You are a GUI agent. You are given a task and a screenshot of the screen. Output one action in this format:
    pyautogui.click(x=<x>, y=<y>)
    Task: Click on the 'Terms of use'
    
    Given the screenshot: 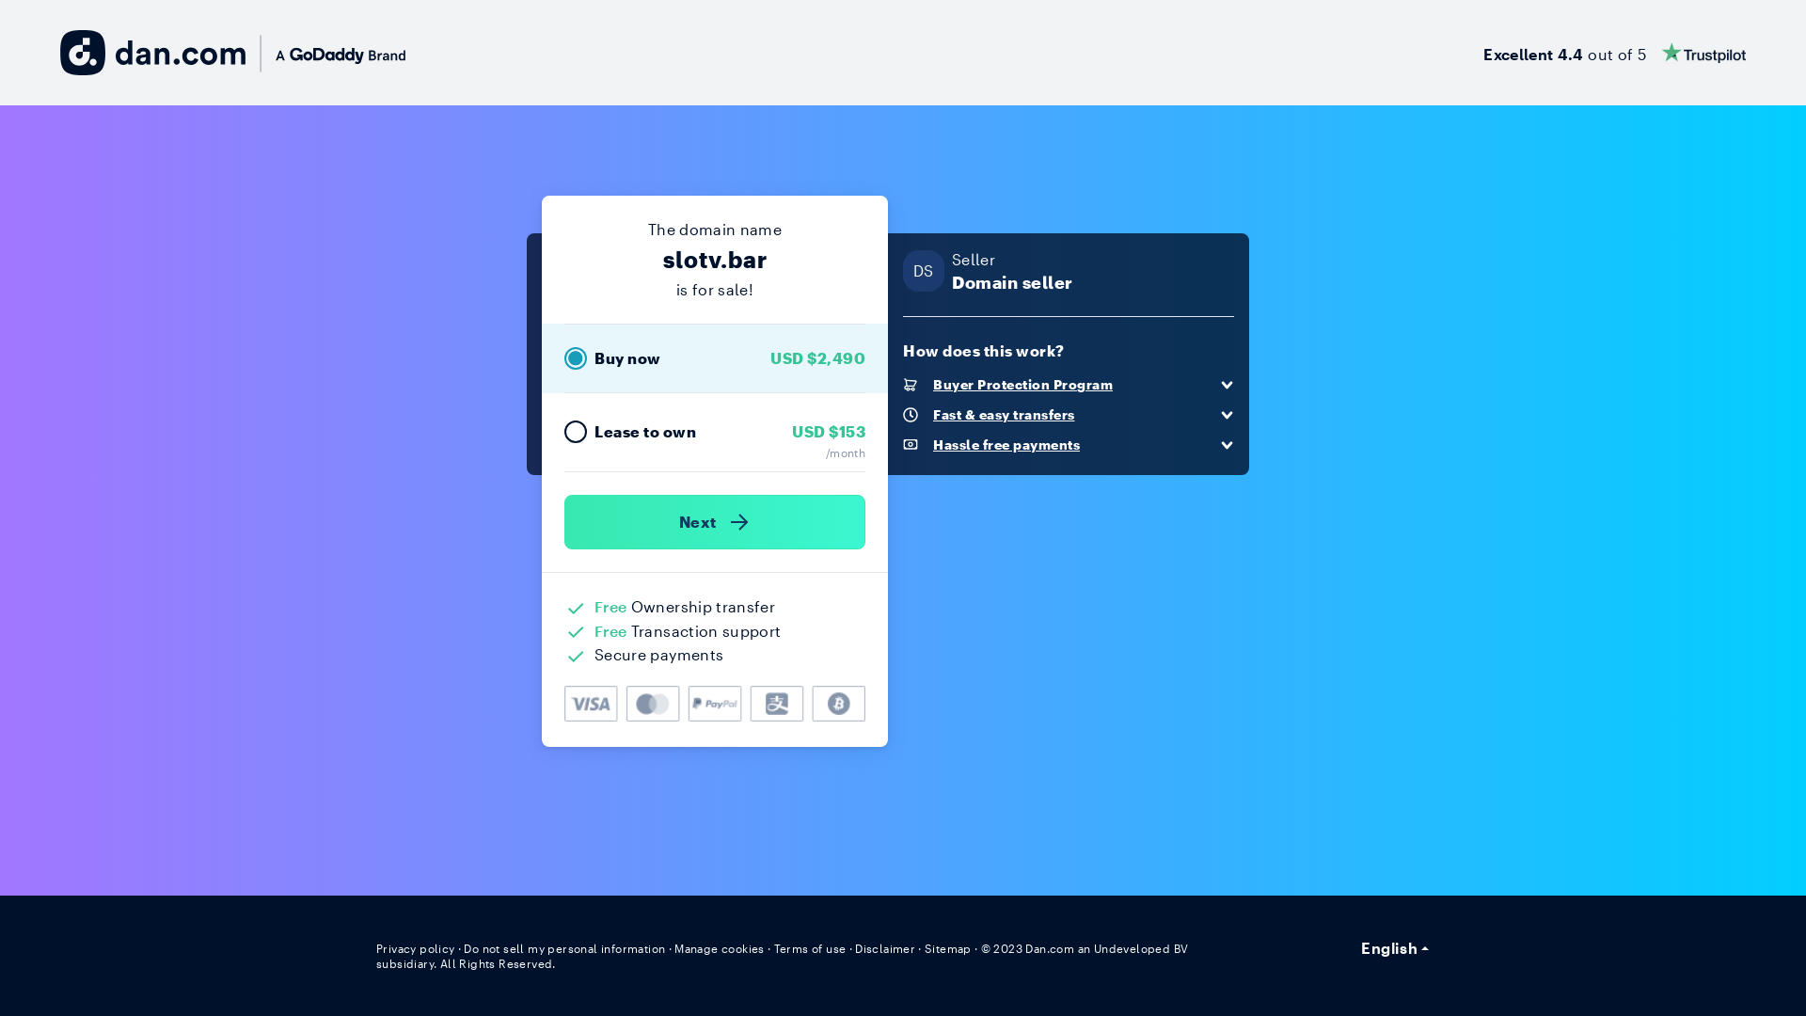 What is the action you would take?
    pyautogui.click(x=810, y=947)
    